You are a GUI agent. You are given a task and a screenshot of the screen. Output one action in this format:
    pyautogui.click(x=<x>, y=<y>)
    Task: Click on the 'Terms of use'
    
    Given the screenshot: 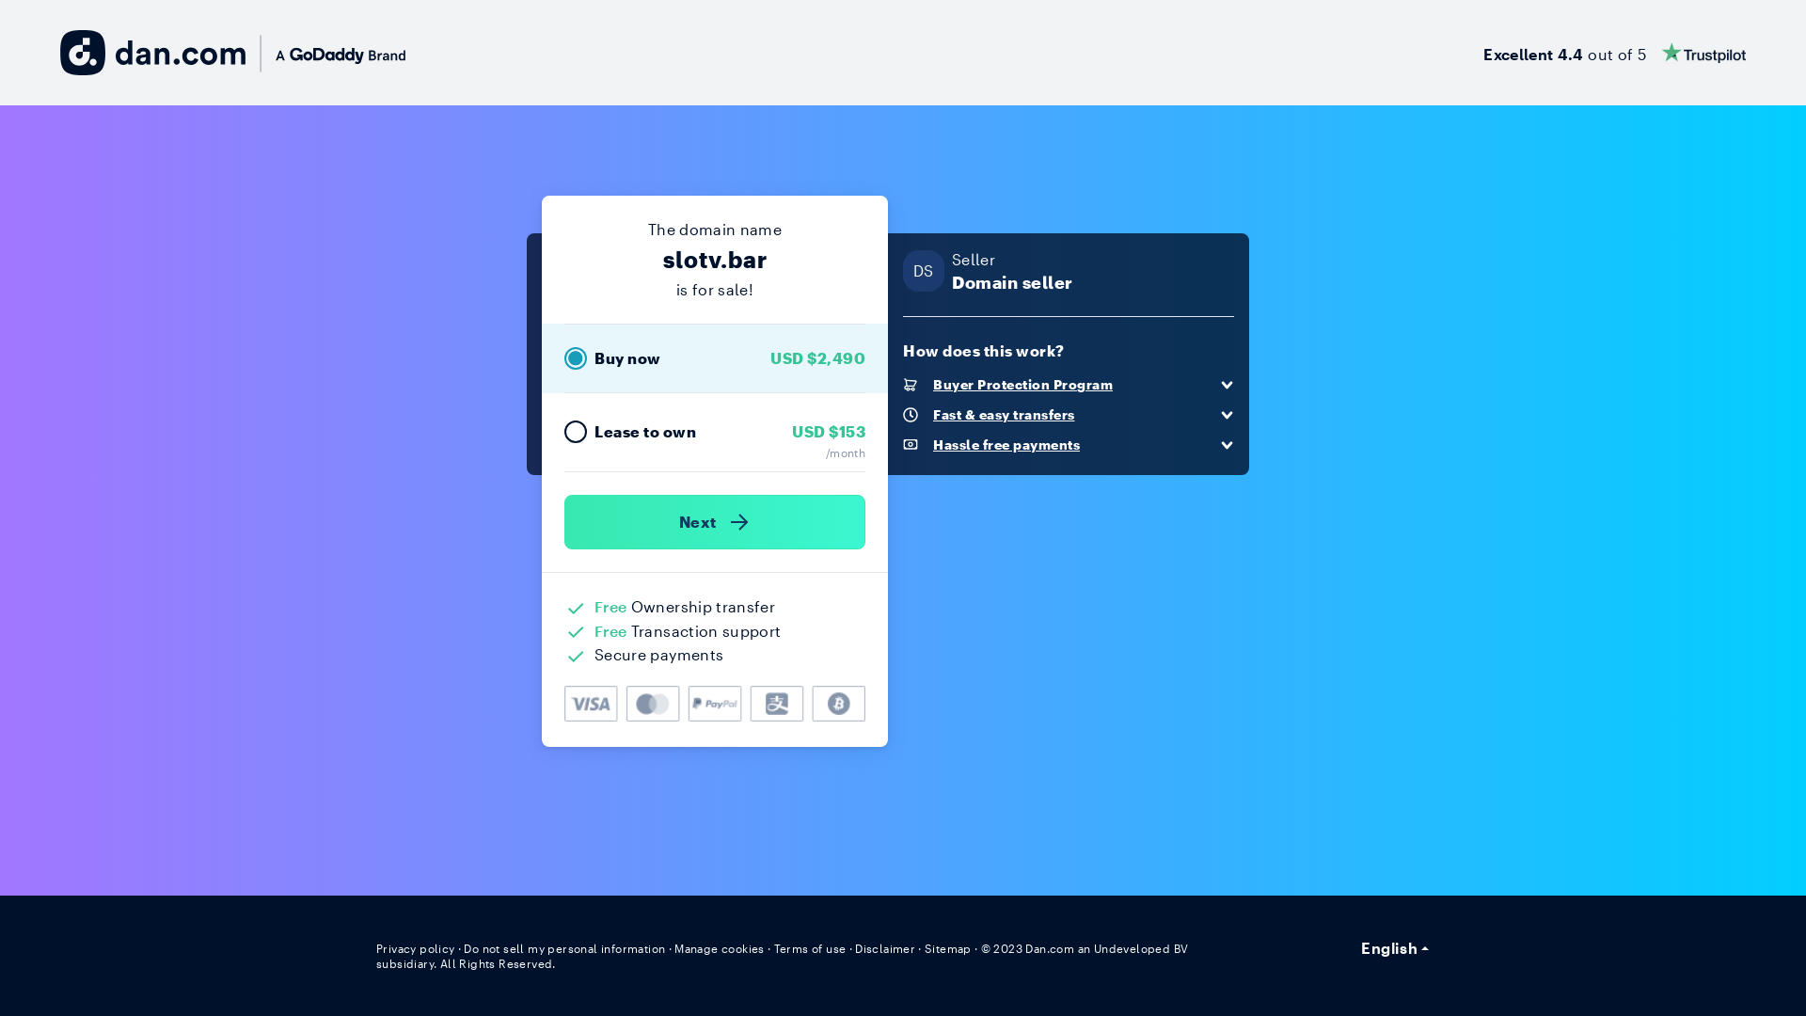 What is the action you would take?
    pyautogui.click(x=810, y=947)
    